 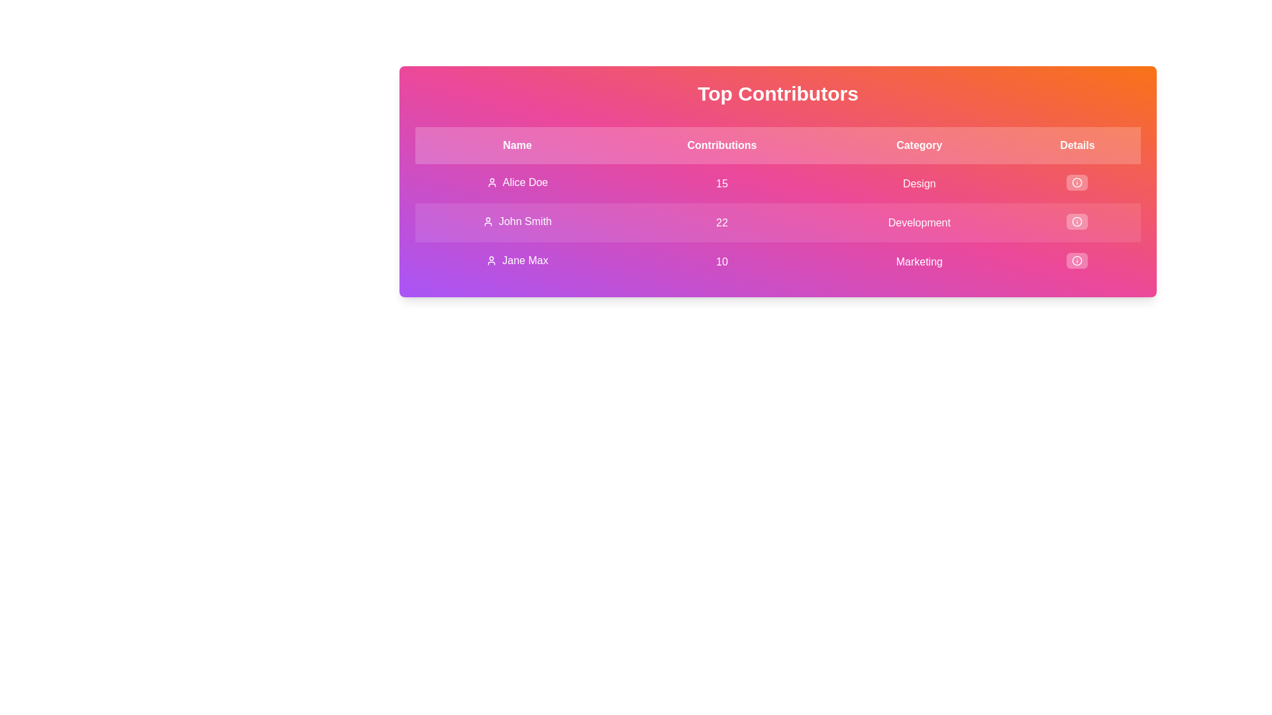 I want to click on the informational label indicating the category associated with contributor 'John Smith', located in the second row of the table under the 'Category' column, to the right of '22' and left of an interactive button, so click(x=918, y=222).